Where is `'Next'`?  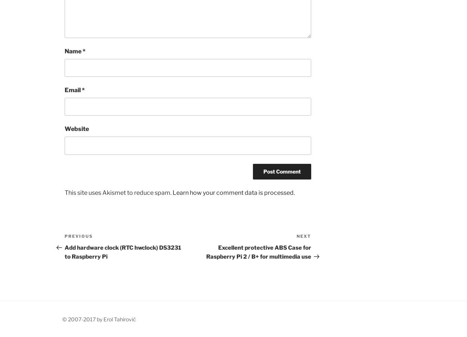
'Next' is located at coordinates (303, 236).